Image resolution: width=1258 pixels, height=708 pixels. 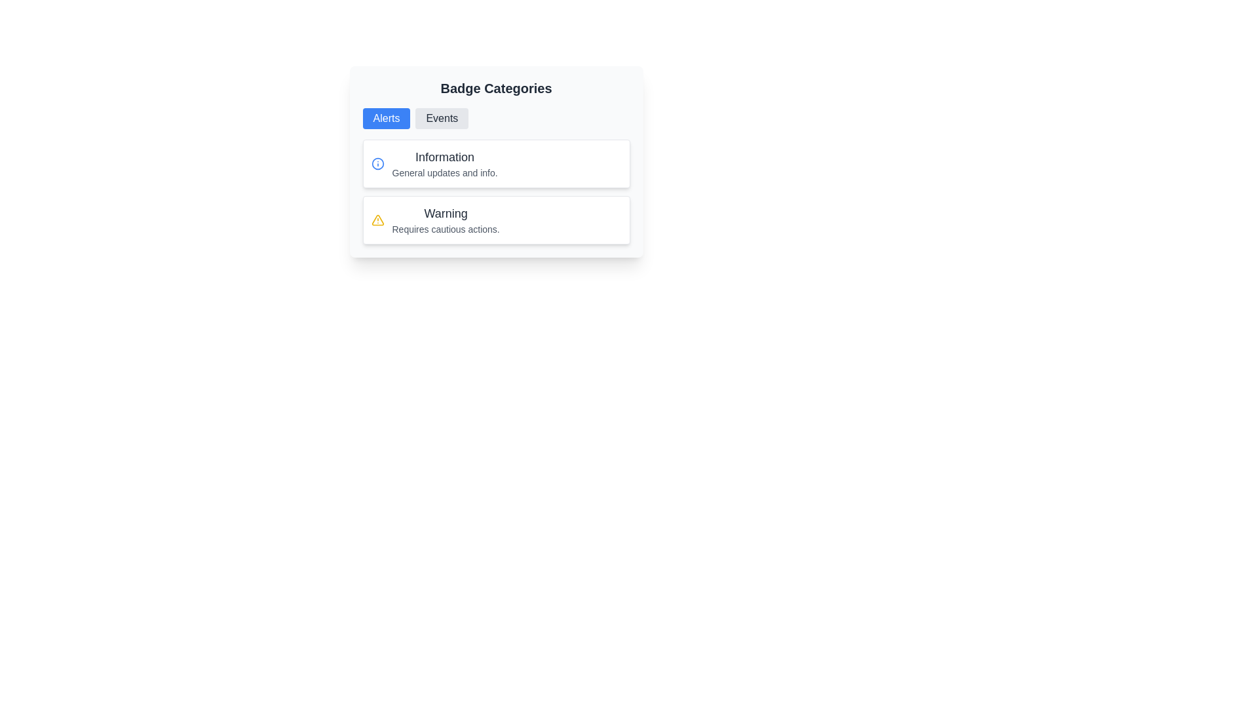 I want to click on the text label element stating 'General updates and info.' which is styled in gray and located directly beneath the heading 'Information', so click(x=445, y=172).